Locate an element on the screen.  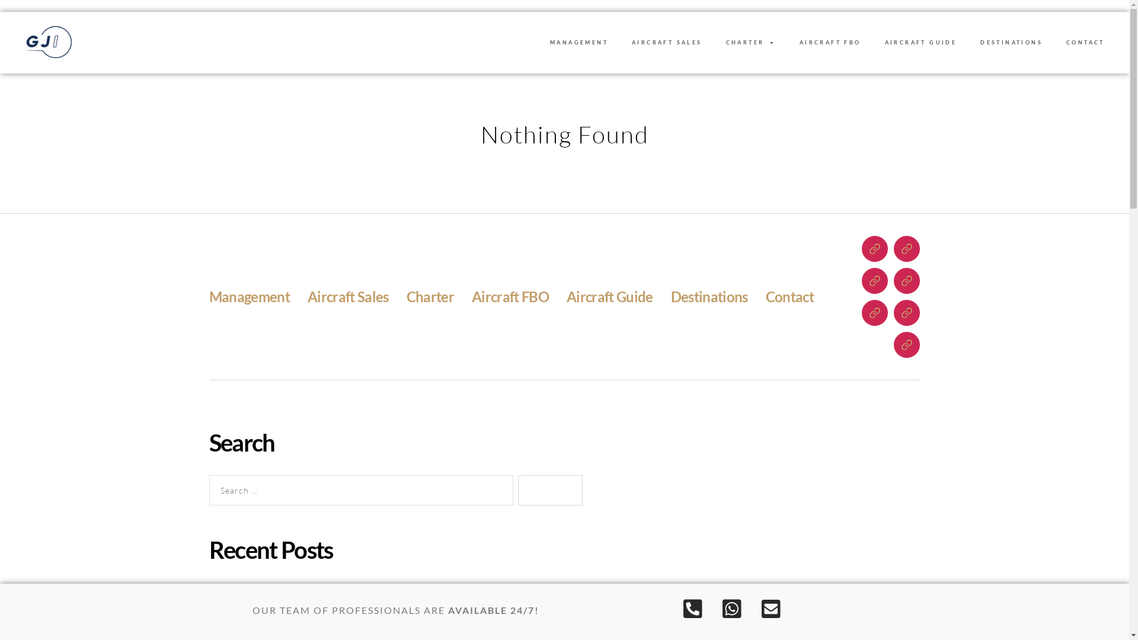
'Destinations' is located at coordinates (709, 296).